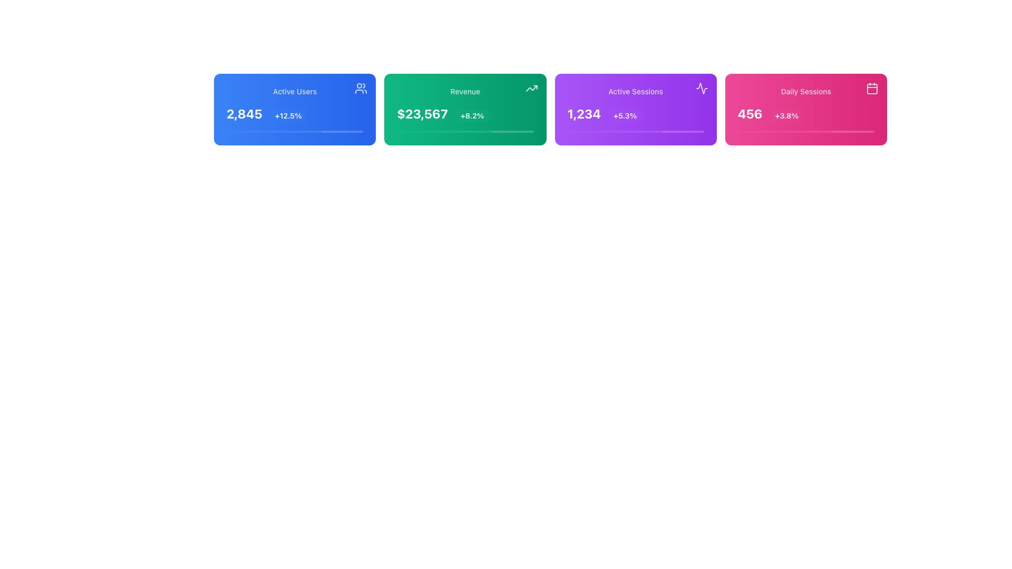 This screenshot has height=569, width=1012. Describe the element at coordinates (786, 115) in the screenshot. I see `the Statistical indicator label indicating a percentage change related to the 'Daily Sessions' metric, located to the right of the number '456' within the pink card labeled 'Daily Sessions'` at that location.